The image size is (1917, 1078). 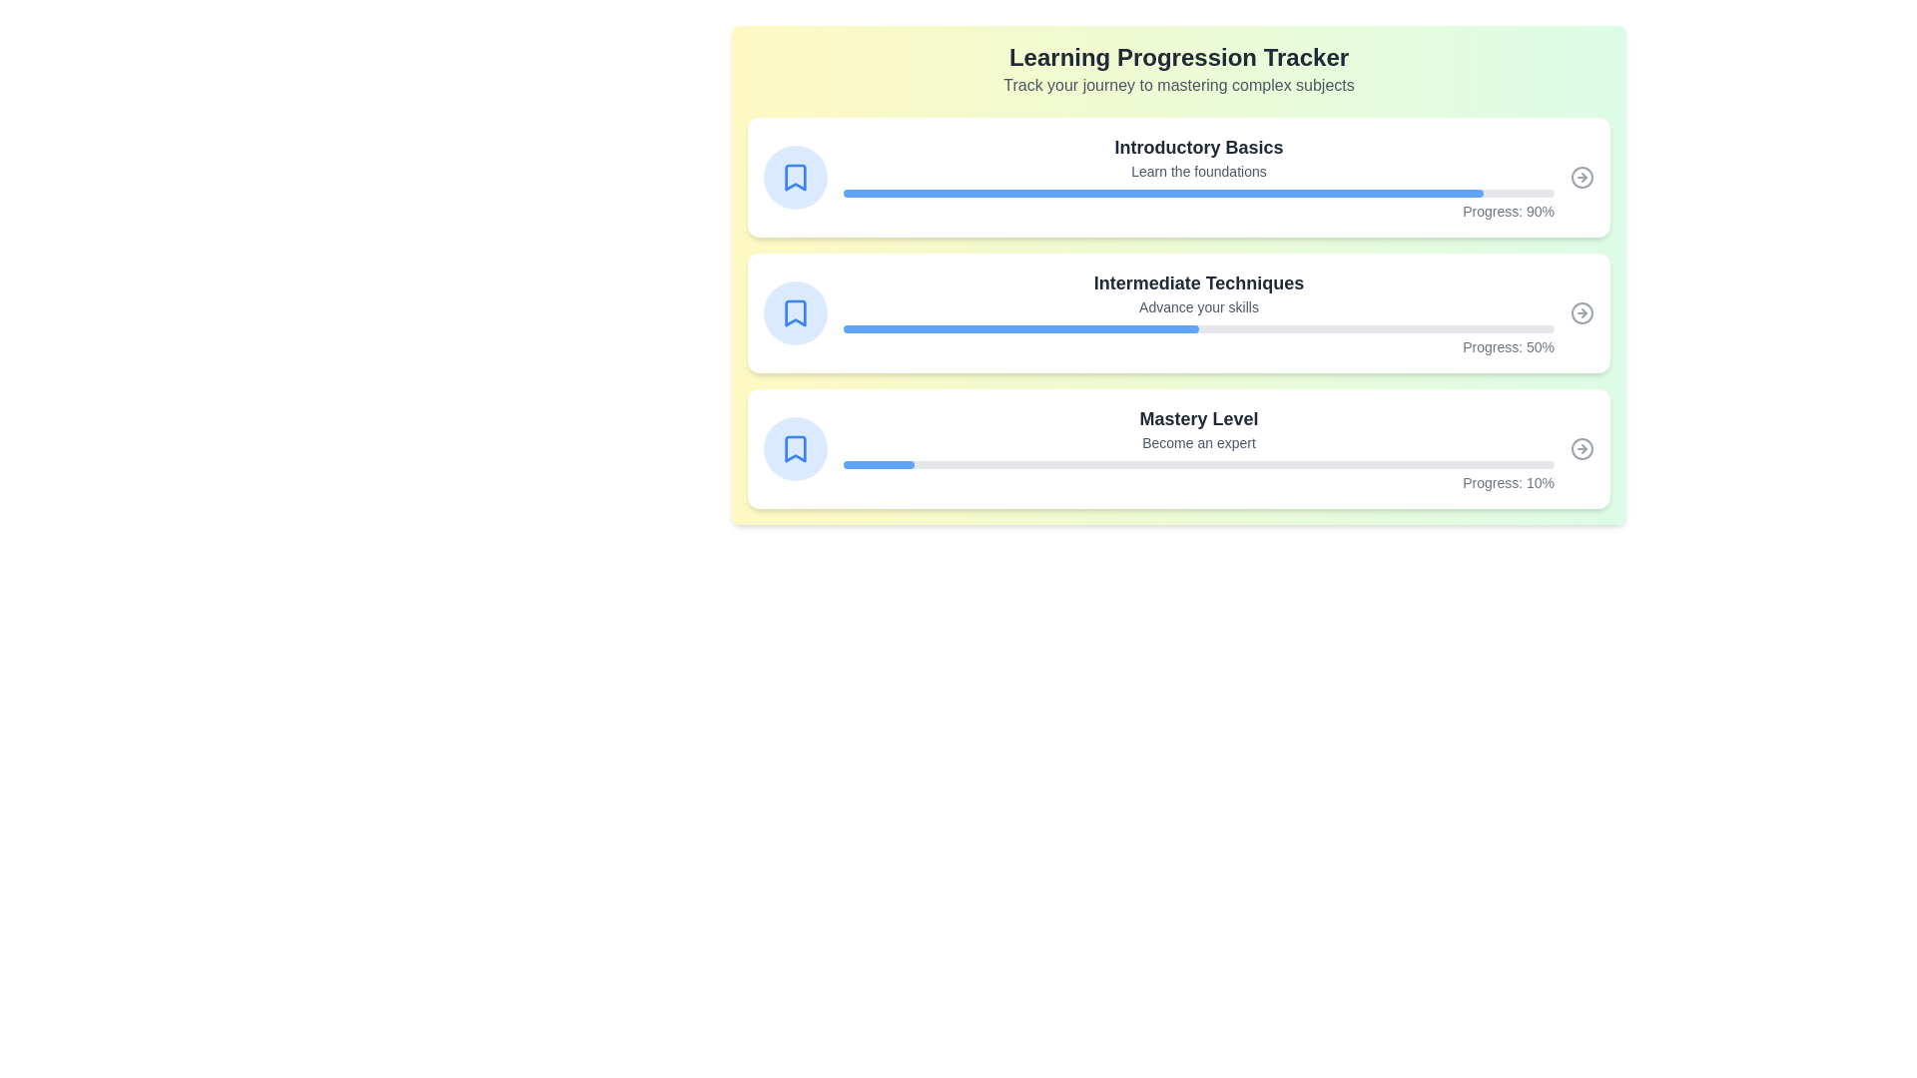 I want to click on the text label displaying 'Intermediate Techniques' in bold font, which is positioned at the top of its section and is prominently rendered in dark gray, so click(x=1198, y=283).